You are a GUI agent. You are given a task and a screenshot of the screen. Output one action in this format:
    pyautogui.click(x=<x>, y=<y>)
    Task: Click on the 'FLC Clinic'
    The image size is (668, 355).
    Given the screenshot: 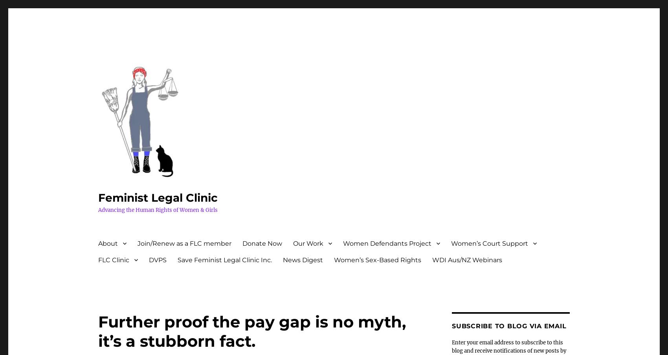 What is the action you would take?
    pyautogui.click(x=114, y=259)
    